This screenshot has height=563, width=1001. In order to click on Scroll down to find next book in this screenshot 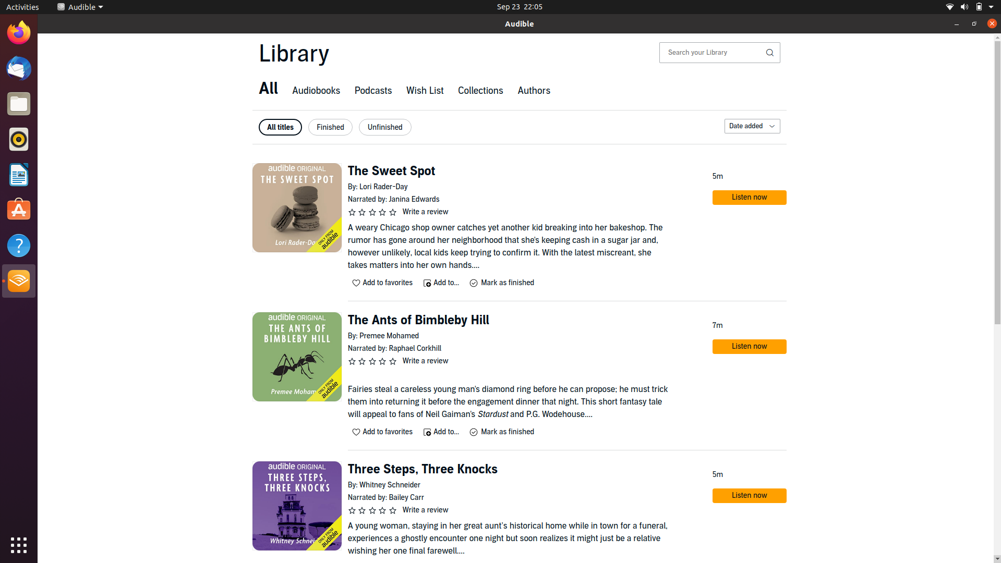, I will do `click(995995, 322317)`.